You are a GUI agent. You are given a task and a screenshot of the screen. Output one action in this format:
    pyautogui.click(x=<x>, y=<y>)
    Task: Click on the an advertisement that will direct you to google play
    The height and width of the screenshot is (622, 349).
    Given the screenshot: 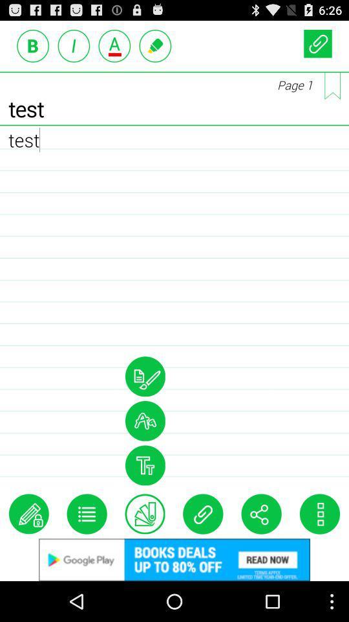 What is the action you would take?
    pyautogui.click(x=174, y=559)
    